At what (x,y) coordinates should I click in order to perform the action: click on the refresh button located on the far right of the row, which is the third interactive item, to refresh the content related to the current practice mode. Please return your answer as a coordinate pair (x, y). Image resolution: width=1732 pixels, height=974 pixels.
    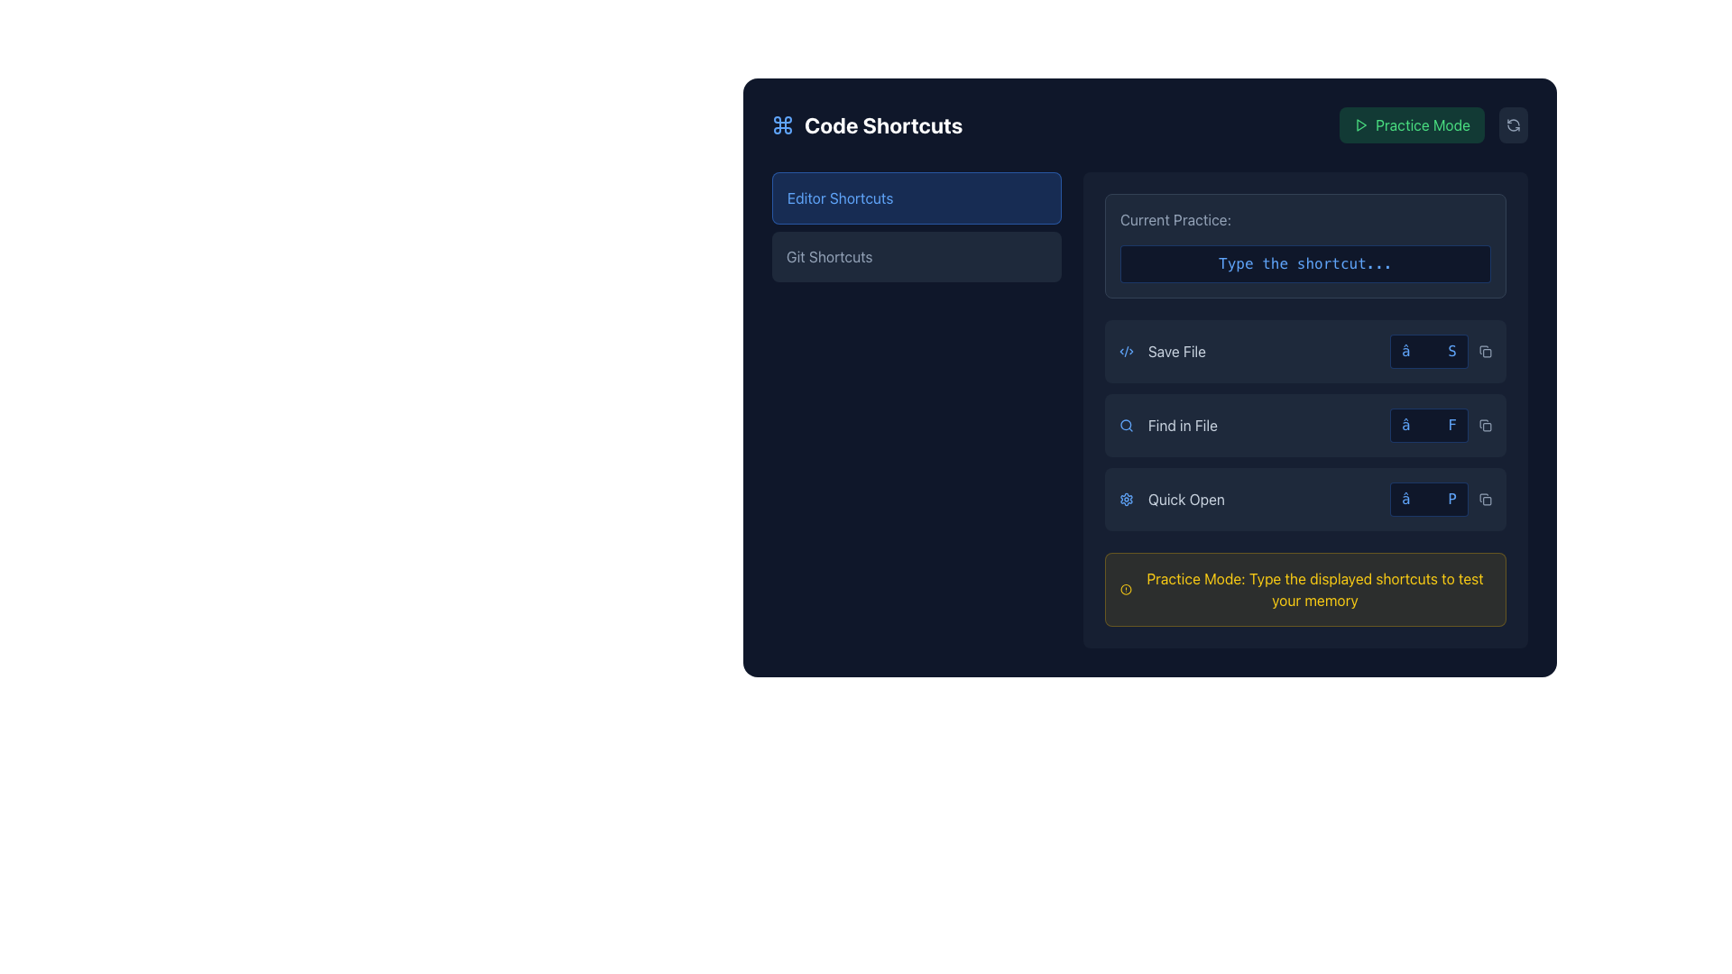
    Looking at the image, I should click on (1514, 124).